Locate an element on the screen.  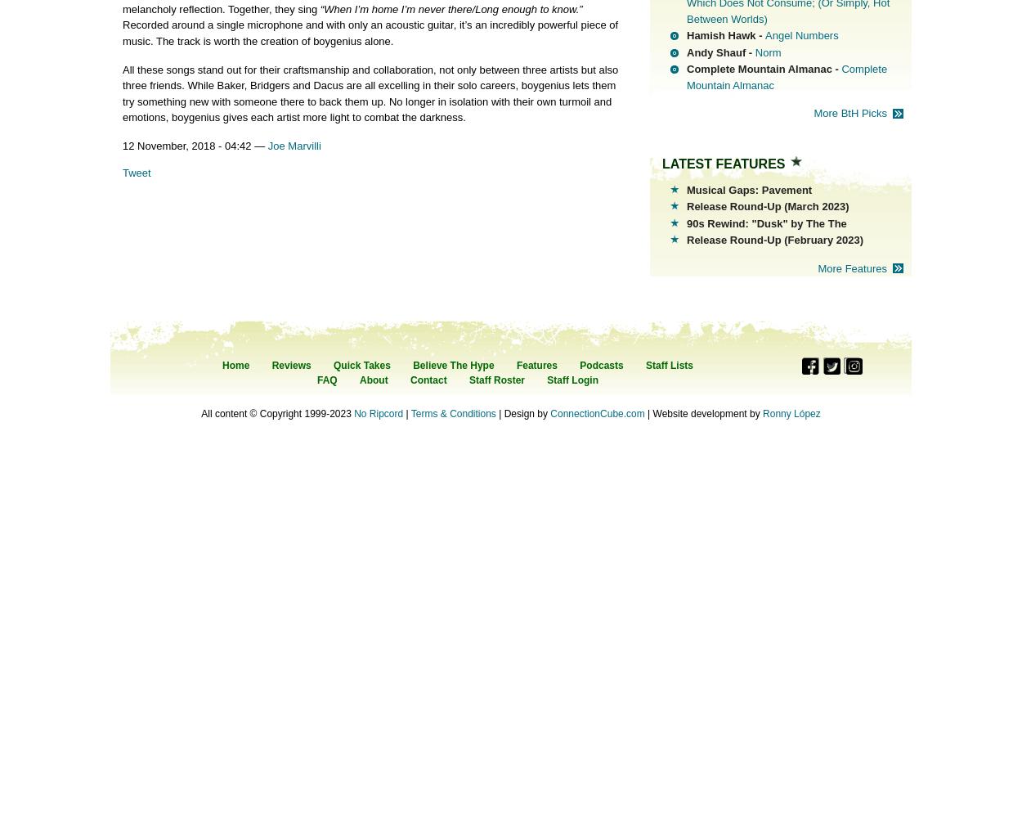
'Staff Login' is located at coordinates (572, 380).